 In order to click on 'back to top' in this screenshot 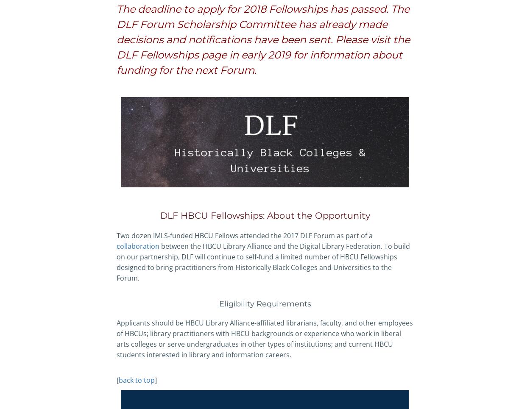, I will do `click(136, 379)`.